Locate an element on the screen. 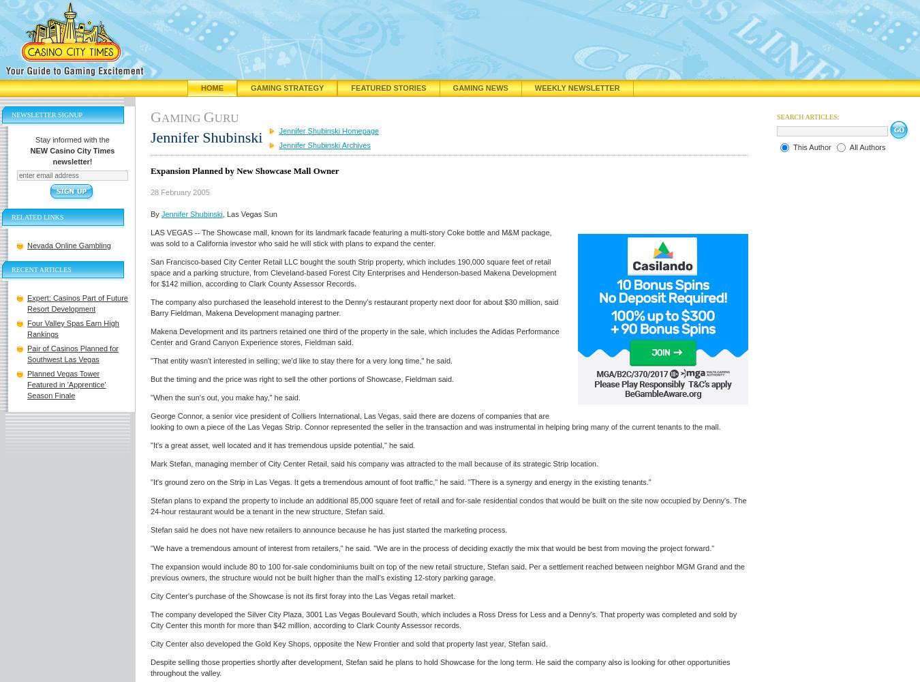 The width and height of the screenshot is (920, 682). 'Stay informed with the' is located at coordinates (71, 139).